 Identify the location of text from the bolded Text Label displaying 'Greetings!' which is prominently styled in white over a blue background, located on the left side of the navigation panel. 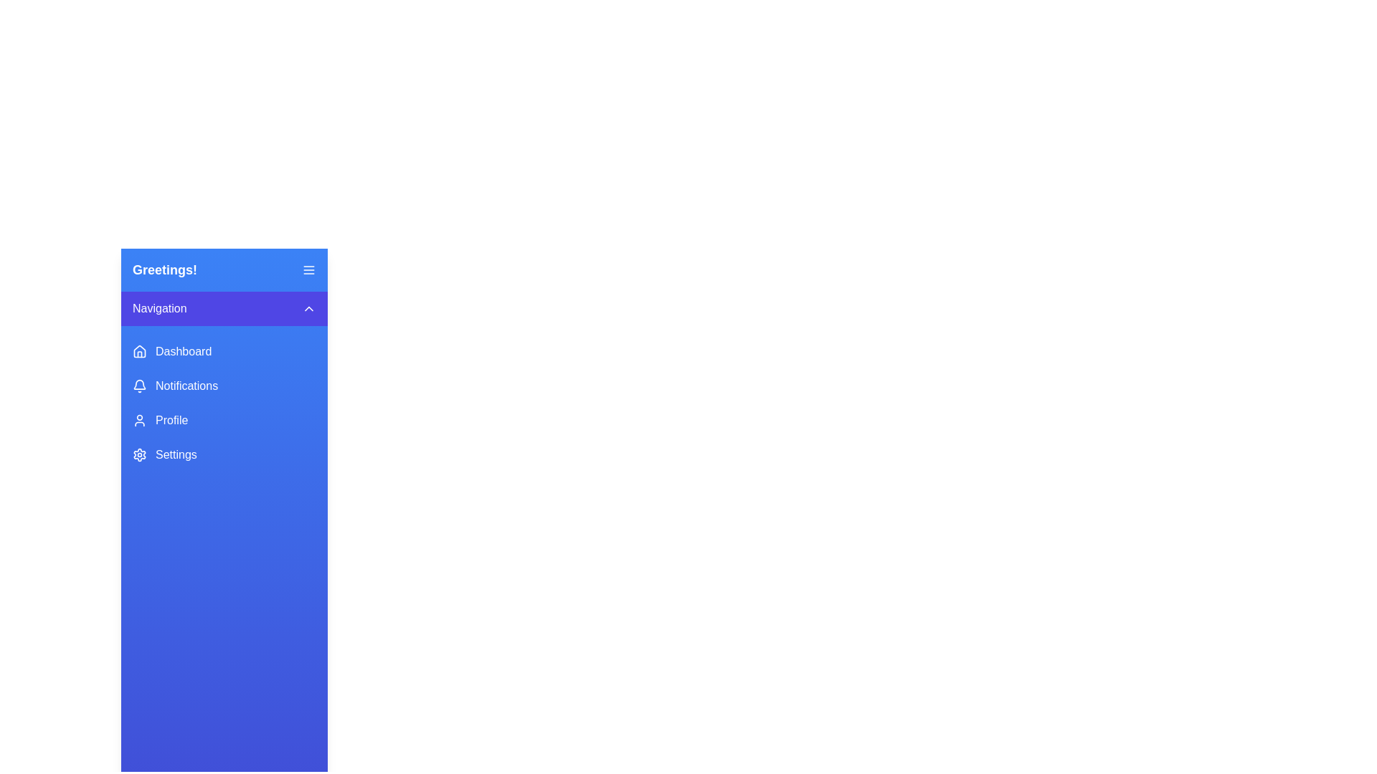
(165, 270).